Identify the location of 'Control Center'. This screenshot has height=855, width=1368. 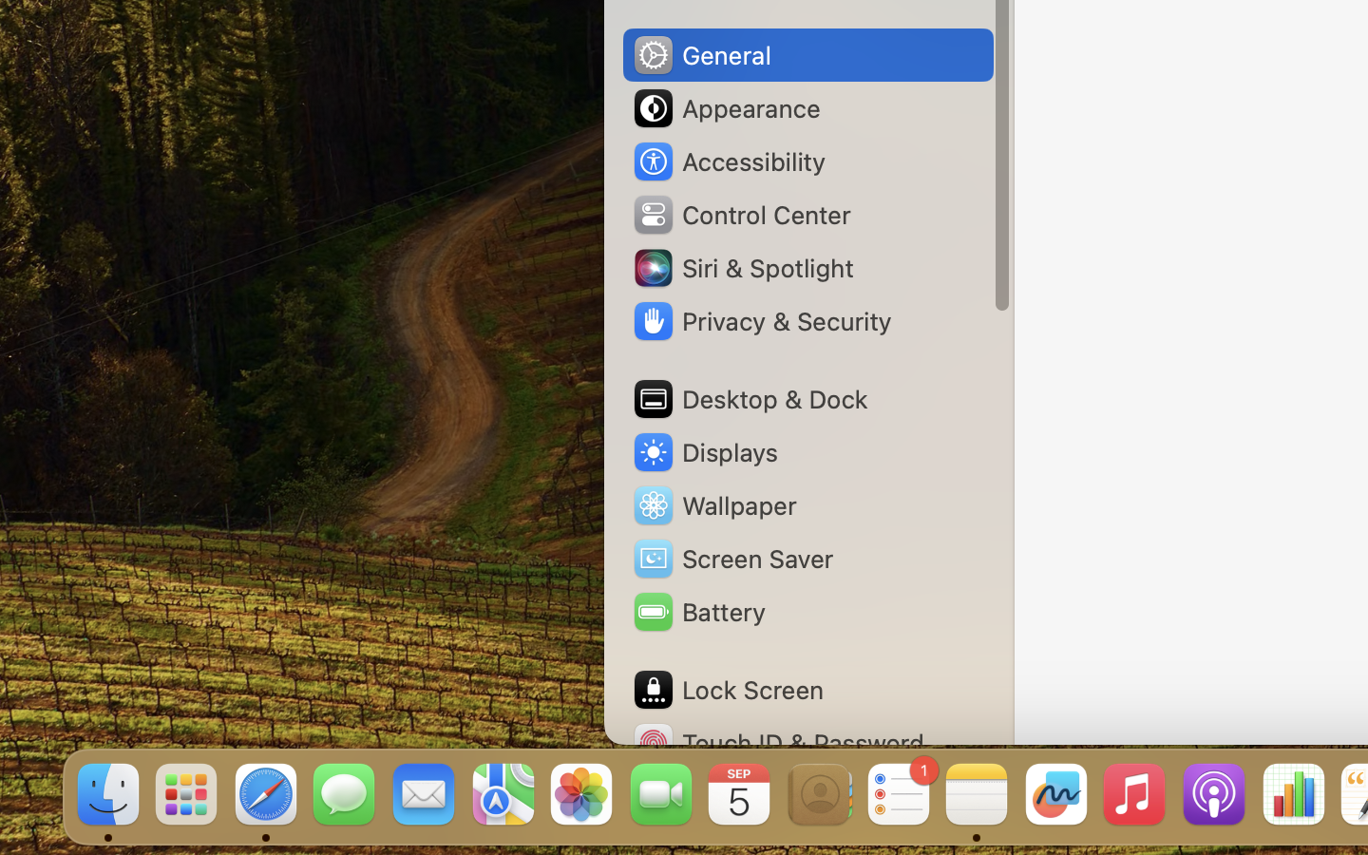
(740, 214).